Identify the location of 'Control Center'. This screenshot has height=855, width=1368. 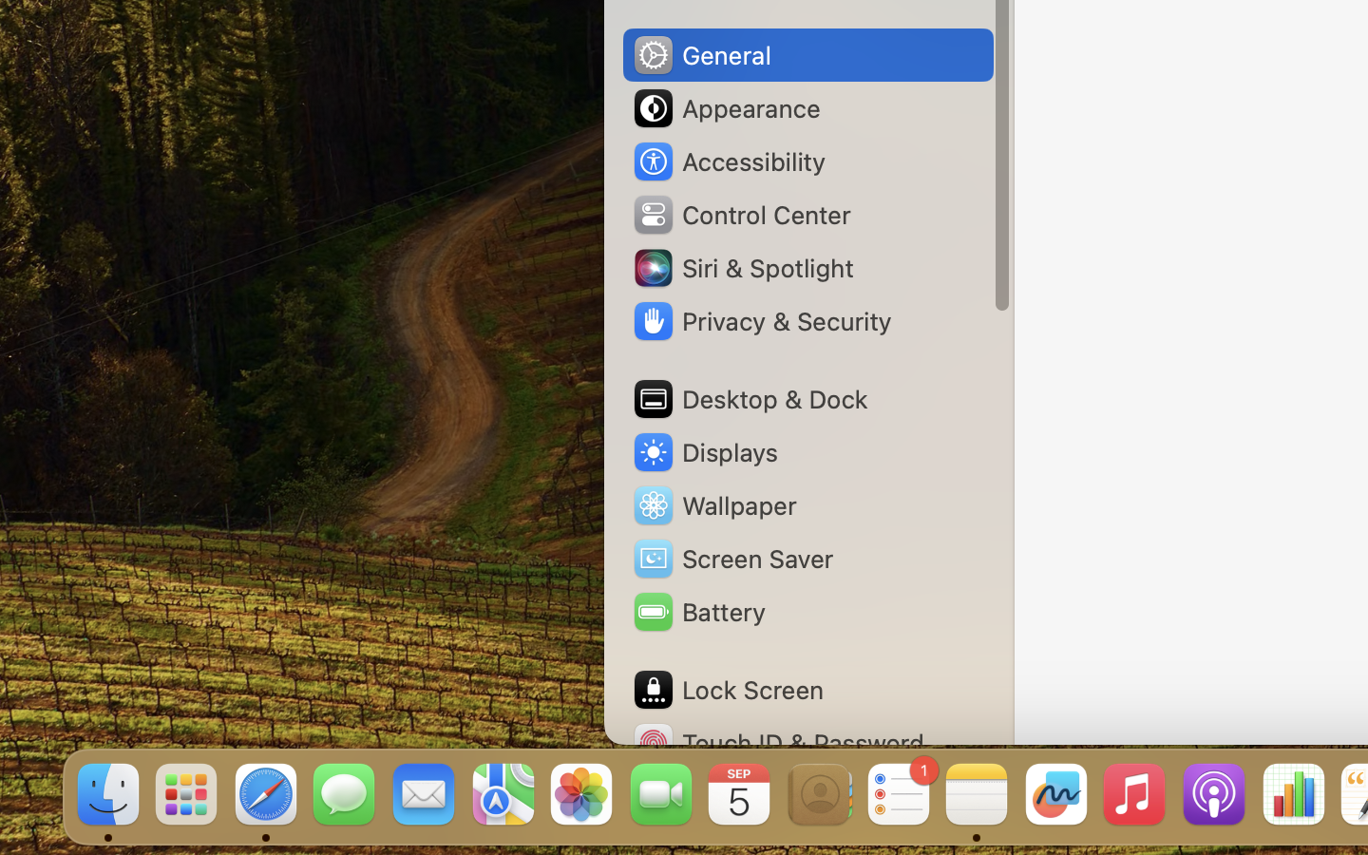
(740, 214).